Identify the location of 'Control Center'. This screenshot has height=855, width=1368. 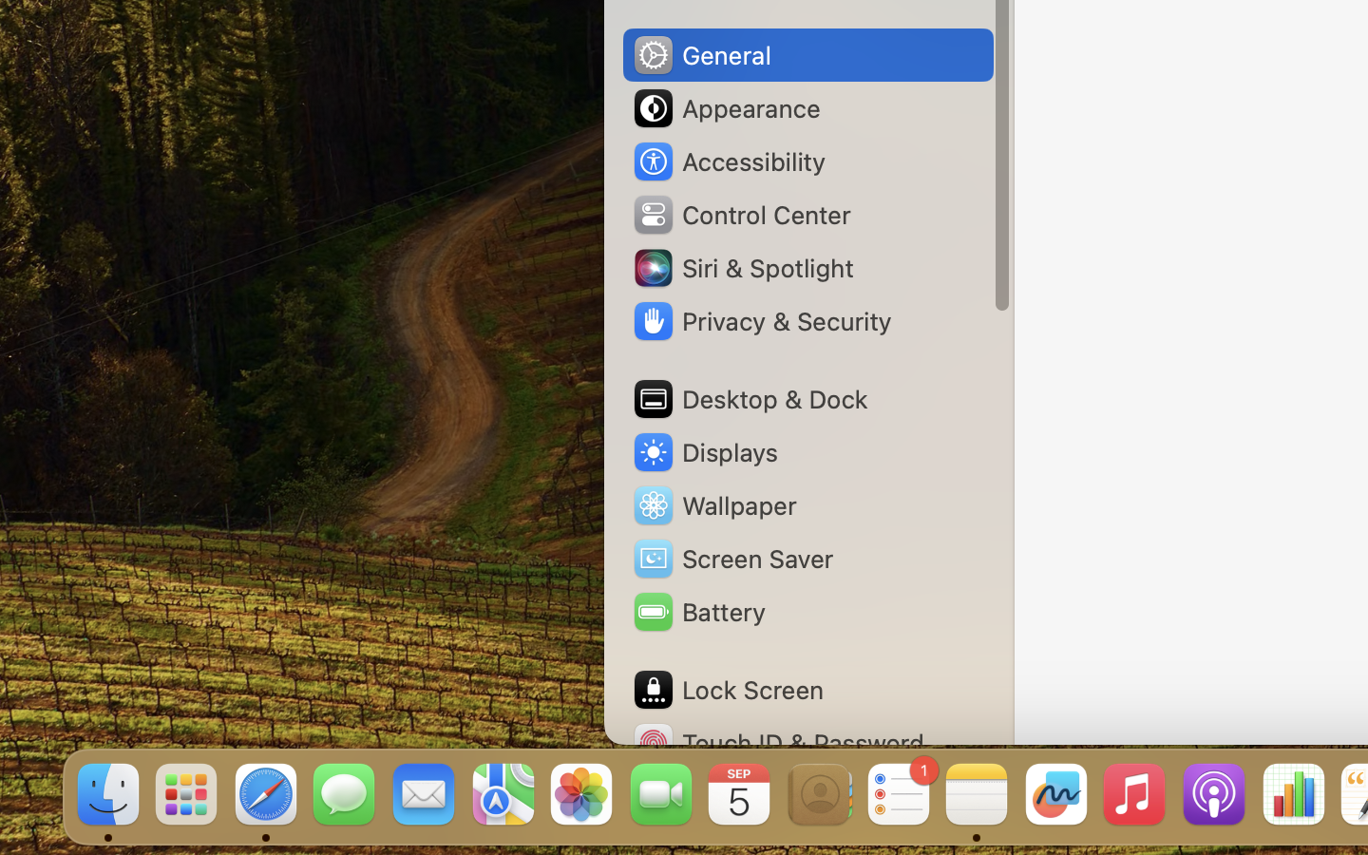
(740, 214).